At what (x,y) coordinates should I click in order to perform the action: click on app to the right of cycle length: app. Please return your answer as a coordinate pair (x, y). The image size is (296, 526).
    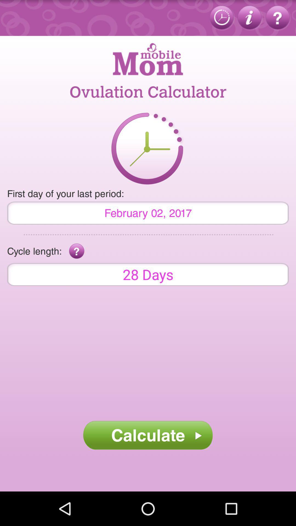
    Looking at the image, I should click on (77, 251).